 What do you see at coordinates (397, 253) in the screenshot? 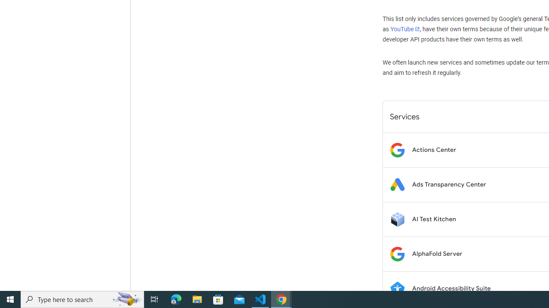
I see `'Logo for AlphaFold Server'` at bounding box center [397, 253].